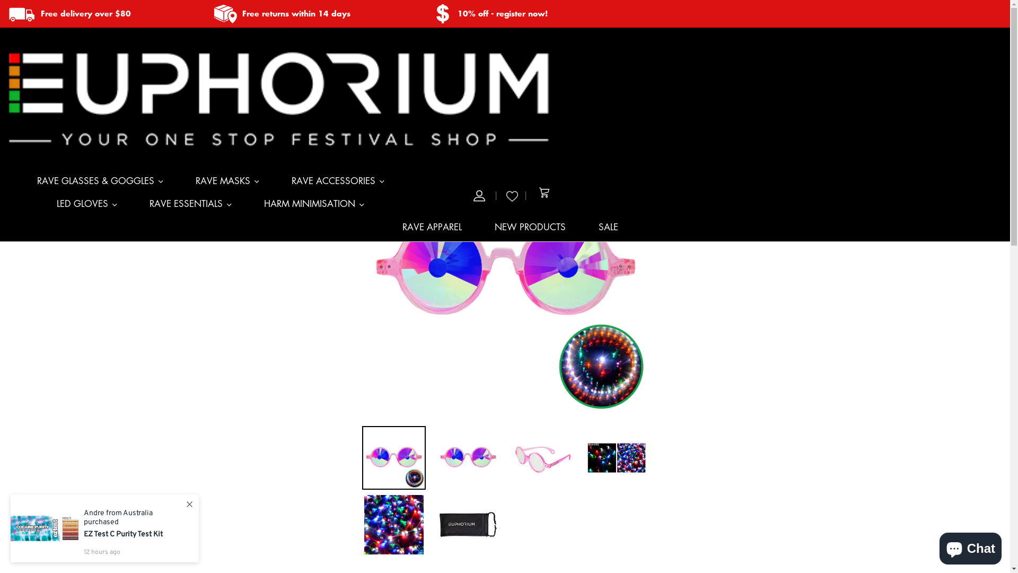 This screenshot has width=1018, height=573. I want to click on 'RAVE APPAREL', so click(432, 230).